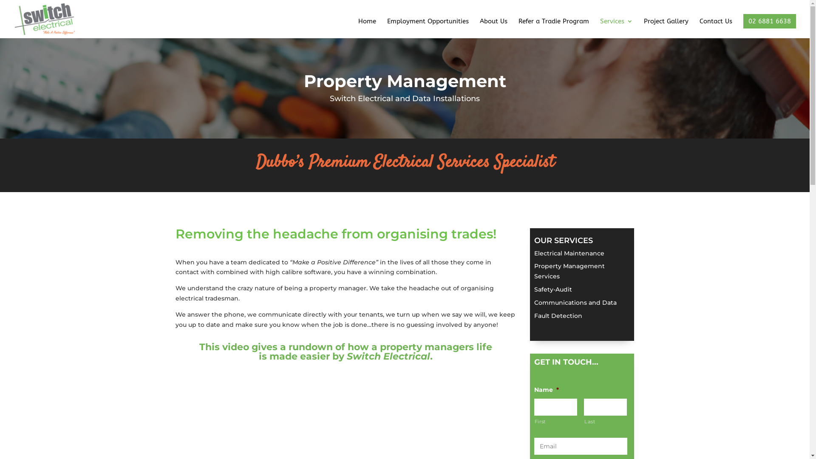 The width and height of the screenshot is (816, 459). What do you see at coordinates (553, 289) in the screenshot?
I see `'Safety-Audit'` at bounding box center [553, 289].